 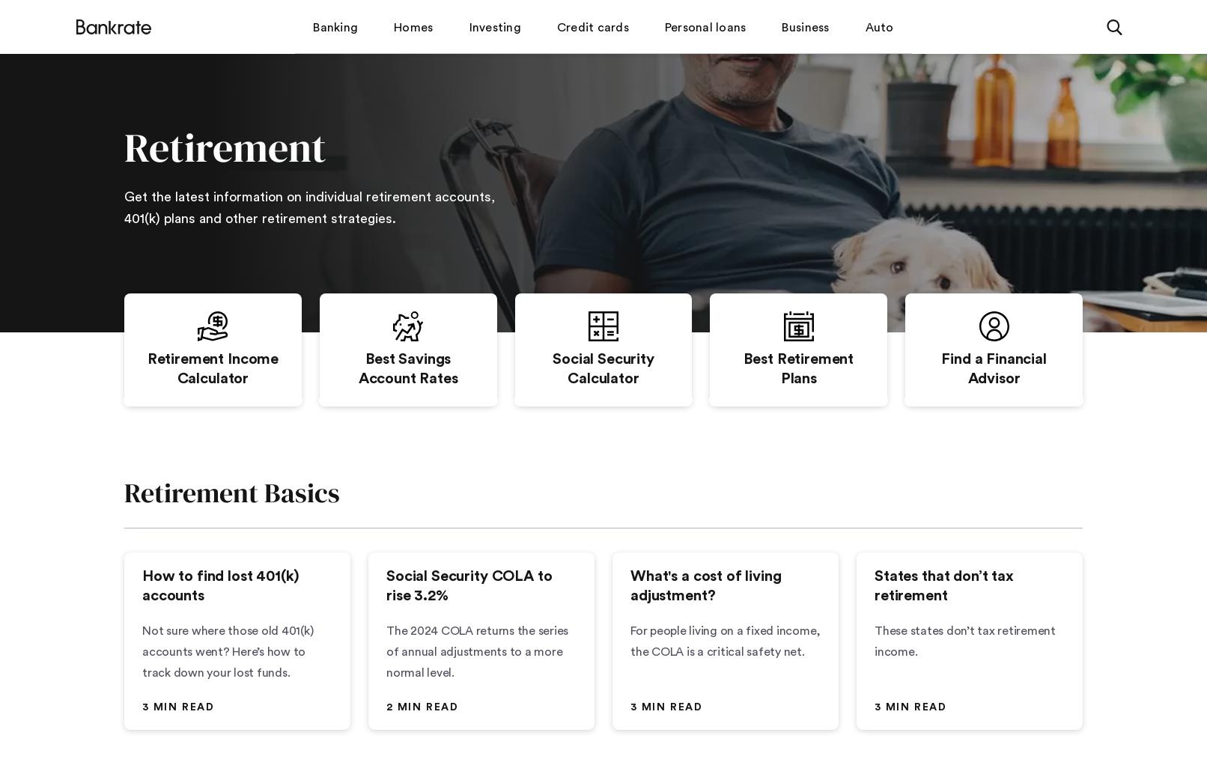 What do you see at coordinates (878, 25) in the screenshot?
I see `'Auto'` at bounding box center [878, 25].